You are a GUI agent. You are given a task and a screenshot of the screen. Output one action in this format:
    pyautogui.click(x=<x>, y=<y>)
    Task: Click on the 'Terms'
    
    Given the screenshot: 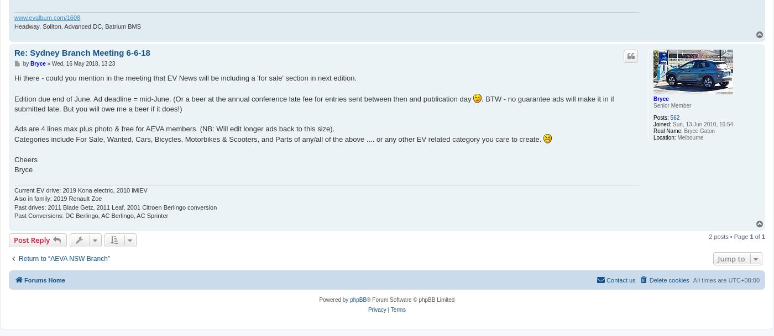 What is the action you would take?
    pyautogui.click(x=398, y=309)
    